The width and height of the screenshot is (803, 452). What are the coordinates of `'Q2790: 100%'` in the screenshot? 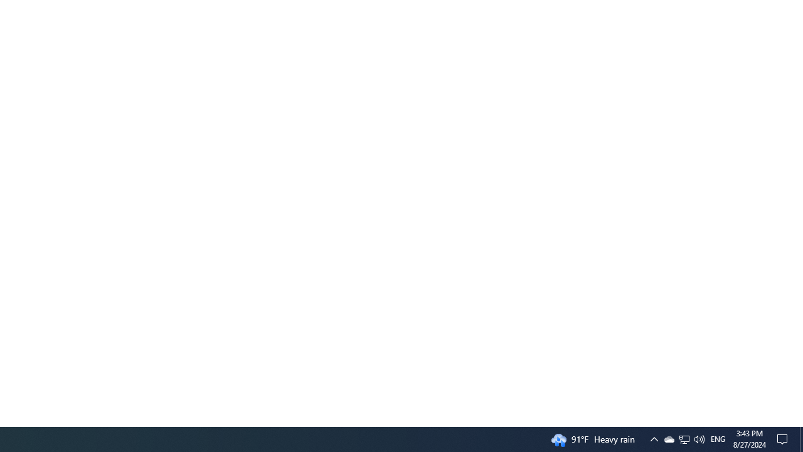 It's located at (698, 438).